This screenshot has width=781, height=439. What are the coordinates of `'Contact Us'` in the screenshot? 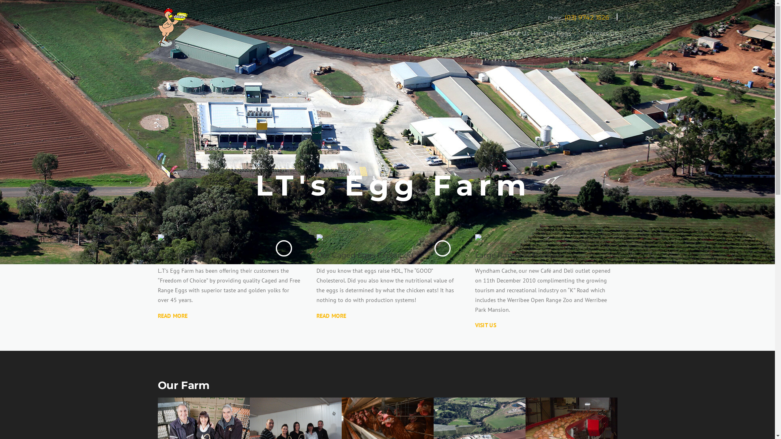 It's located at (598, 39).